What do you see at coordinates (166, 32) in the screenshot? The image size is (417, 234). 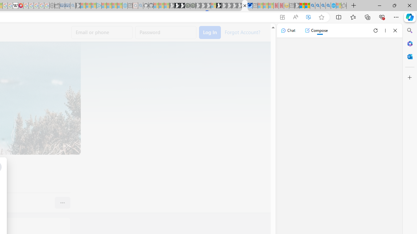 I see `'Password'` at bounding box center [166, 32].